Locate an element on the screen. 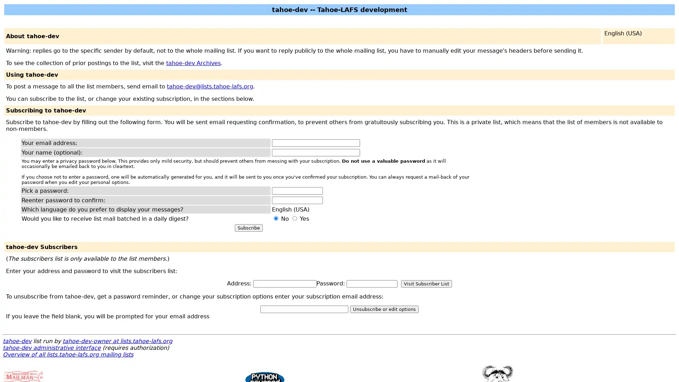 This screenshot has width=679, height=382. Subscribe is located at coordinates (248, 228).